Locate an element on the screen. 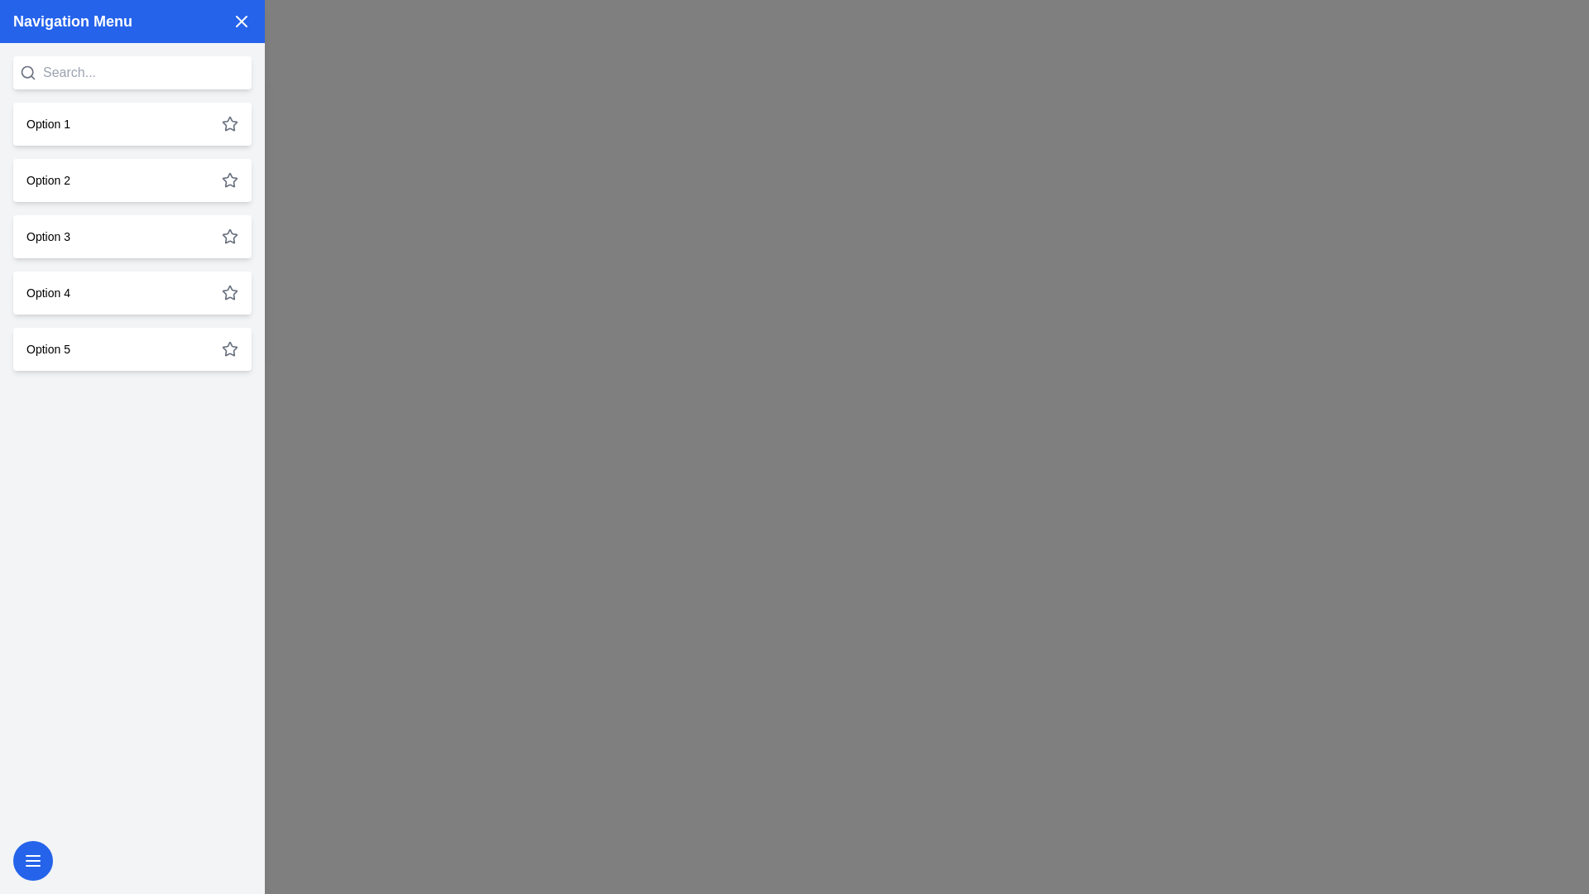 The width and height of the screenshot is (1589, 894). the close button located at the top-right corner of the navigation menu is located at coordinates (241, 22).